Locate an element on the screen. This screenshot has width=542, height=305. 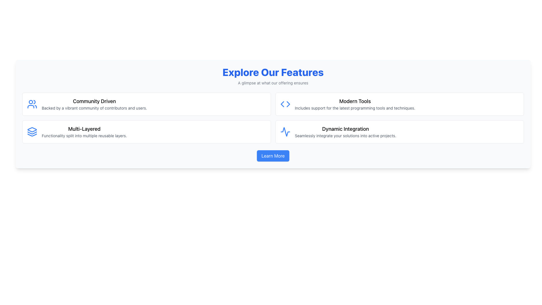
text from the 'Dynamic Integration' text block, which includes the title and subtitle, located in the bottom-right quadrant of the grid titled 'Explore Our Features' is located at coordinates (345, 132).